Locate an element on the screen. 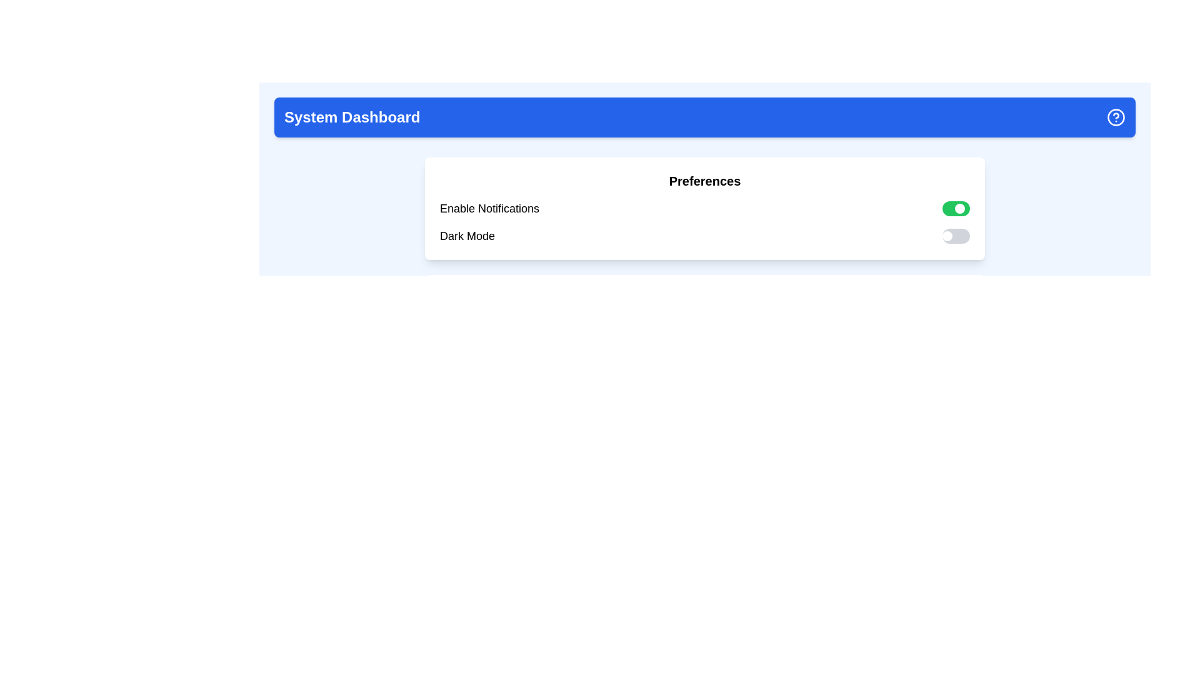  the outer circular shape of the help or information icon located at the top-right corner of the blue dashboard header bar is located at coordinates (1116, 117).